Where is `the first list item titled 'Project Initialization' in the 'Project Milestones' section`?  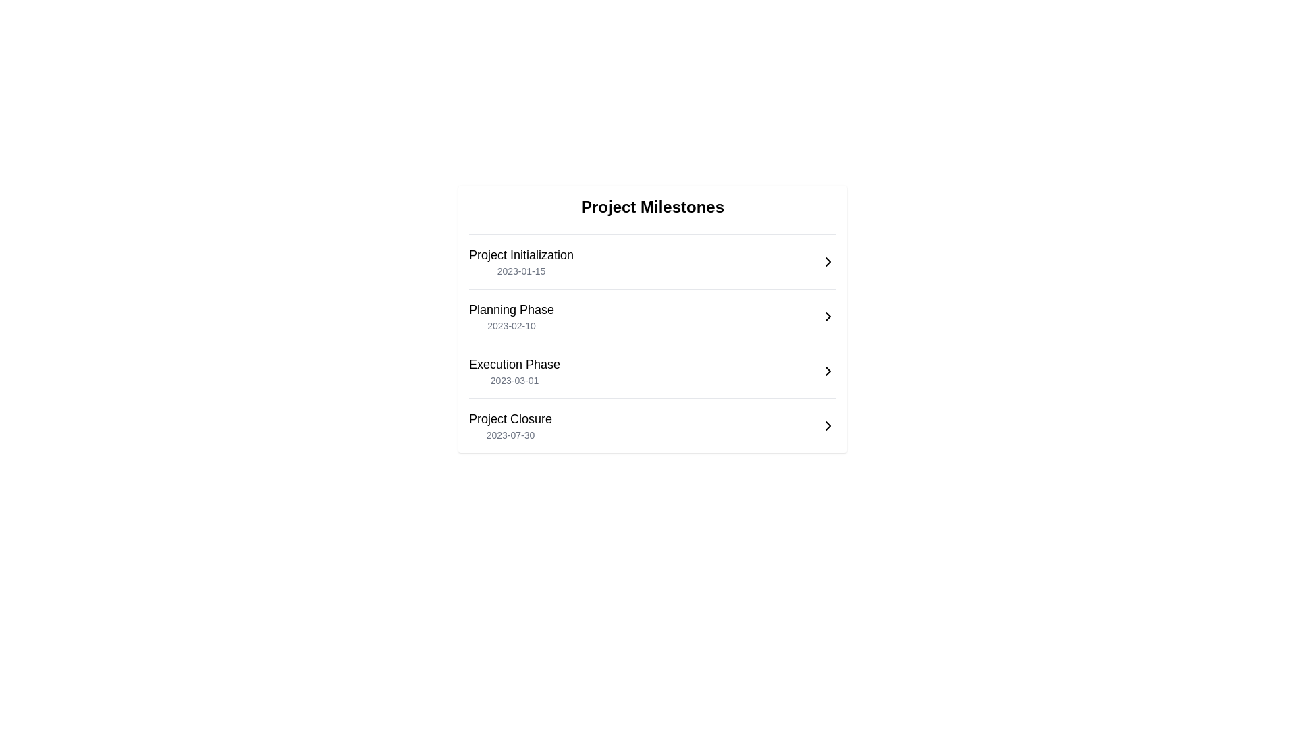
the first list item titled 'Project Initialization' in the 'Project Milestones' section is located at coordinates (520, 262).